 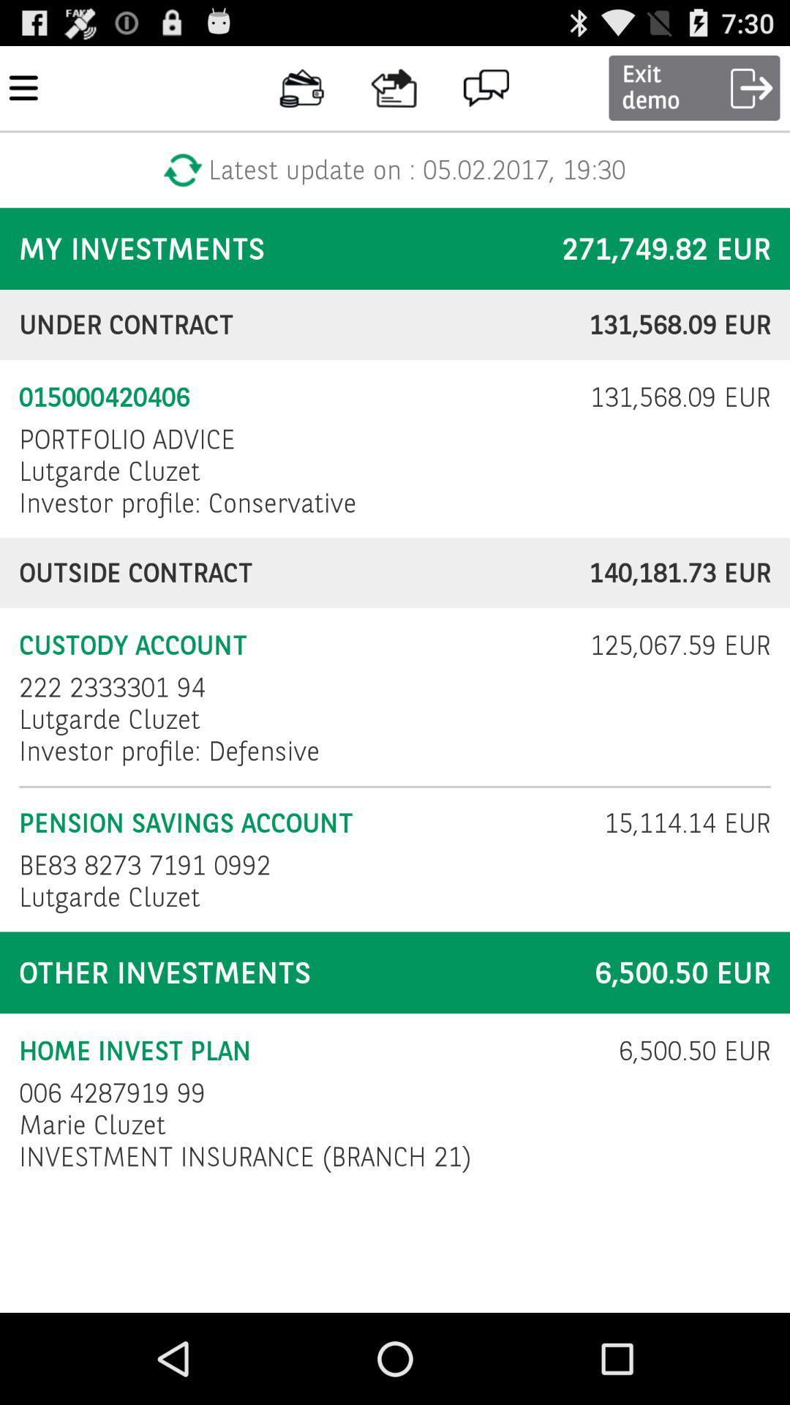 What do you see at coordinates (111, 686) in the screenshot?
I see `222 2333301 94 icon` at bounding box center [111, 686].